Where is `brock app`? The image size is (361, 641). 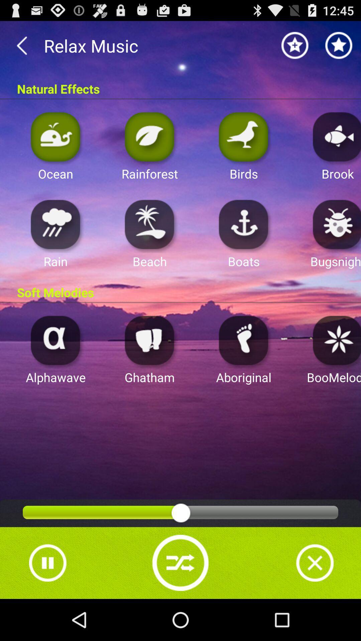 brock app is located at coordinates (335, 136).